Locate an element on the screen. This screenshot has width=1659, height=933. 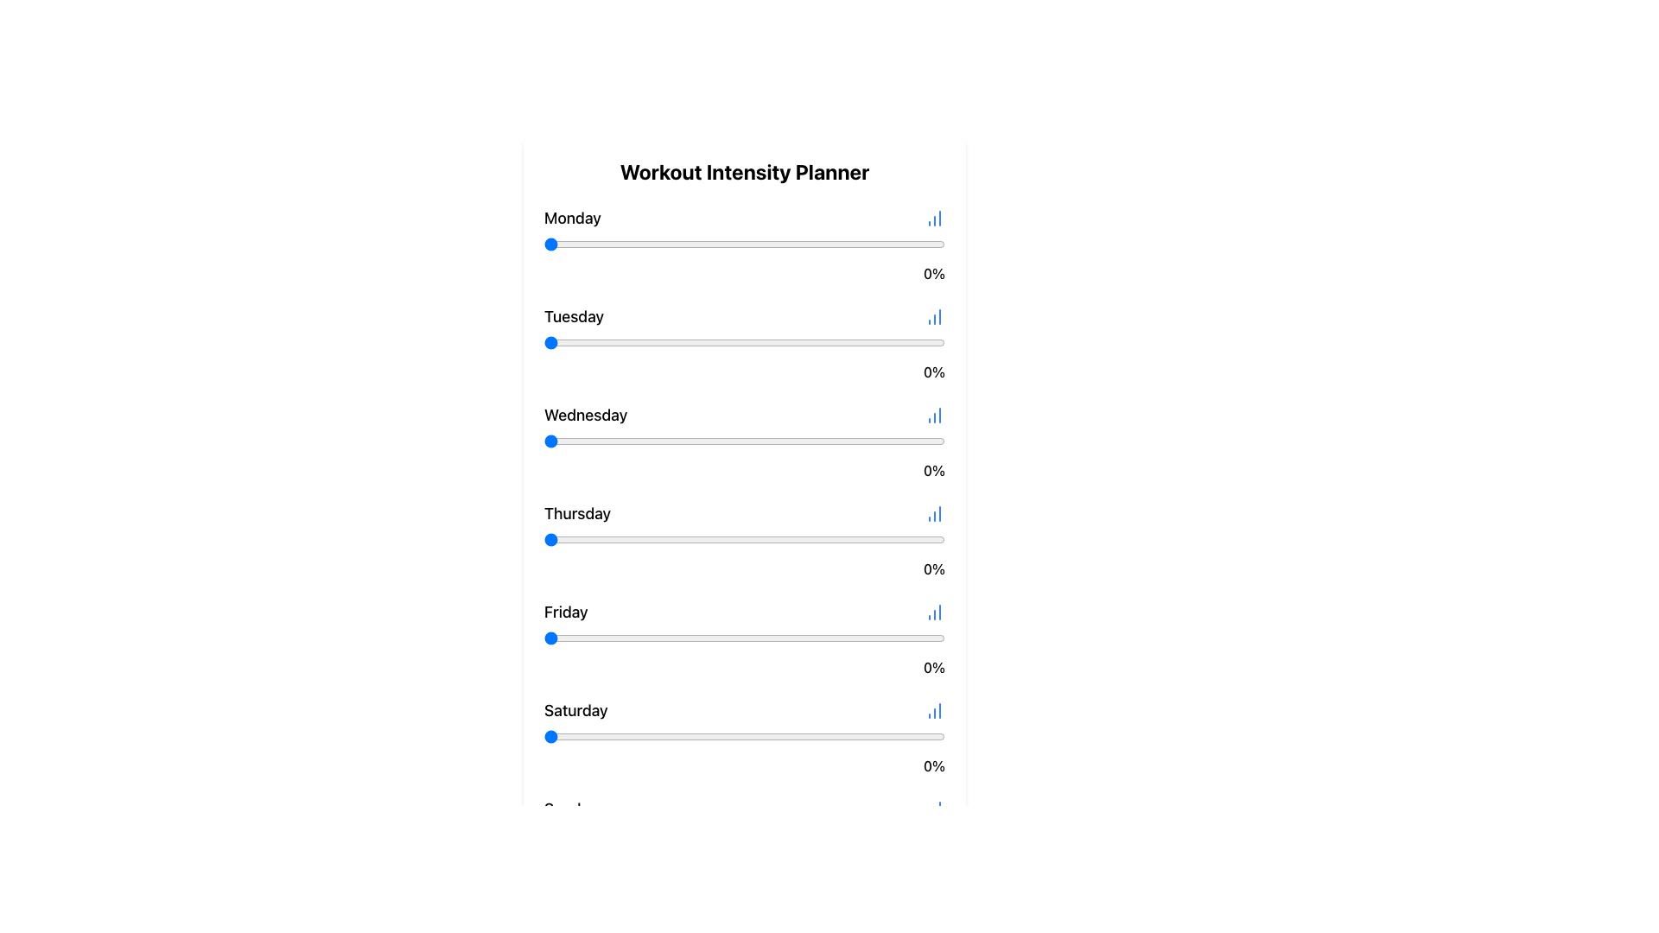
the blue bar chart icon adjacent to the text 'Wednesday' for additional data is located at coordinates (745, 416).